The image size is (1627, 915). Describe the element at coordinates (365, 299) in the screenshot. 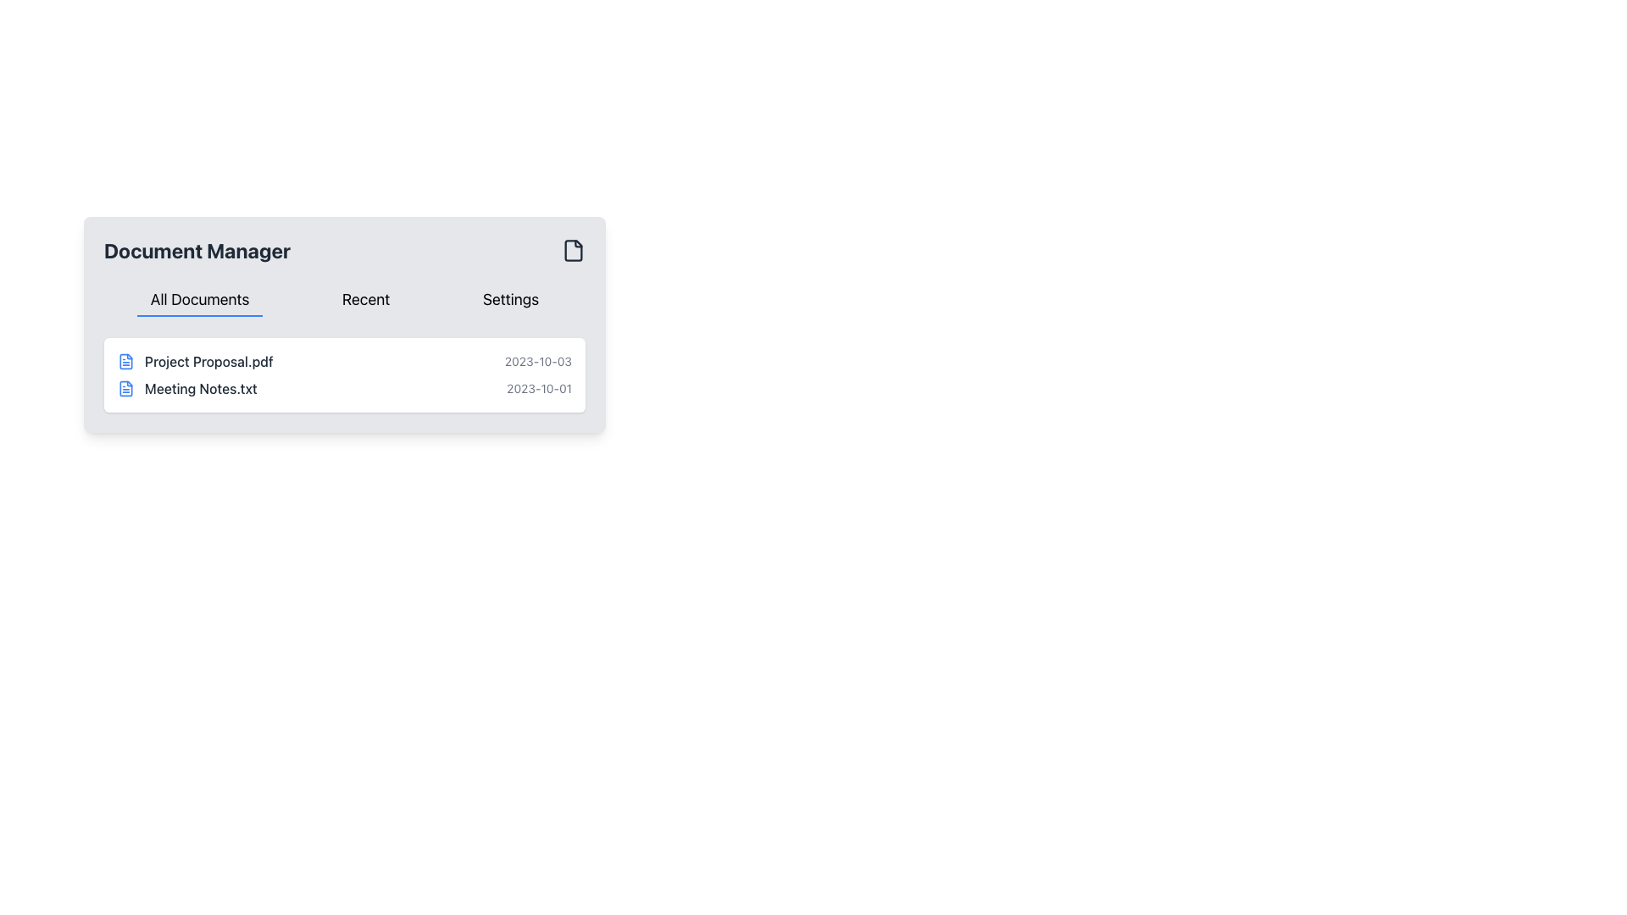

I see `the 'Recent' tab, which is the second tab in the horizontal tab menu among 'All Documents', 'Recent', and 'Settings'` at that location.